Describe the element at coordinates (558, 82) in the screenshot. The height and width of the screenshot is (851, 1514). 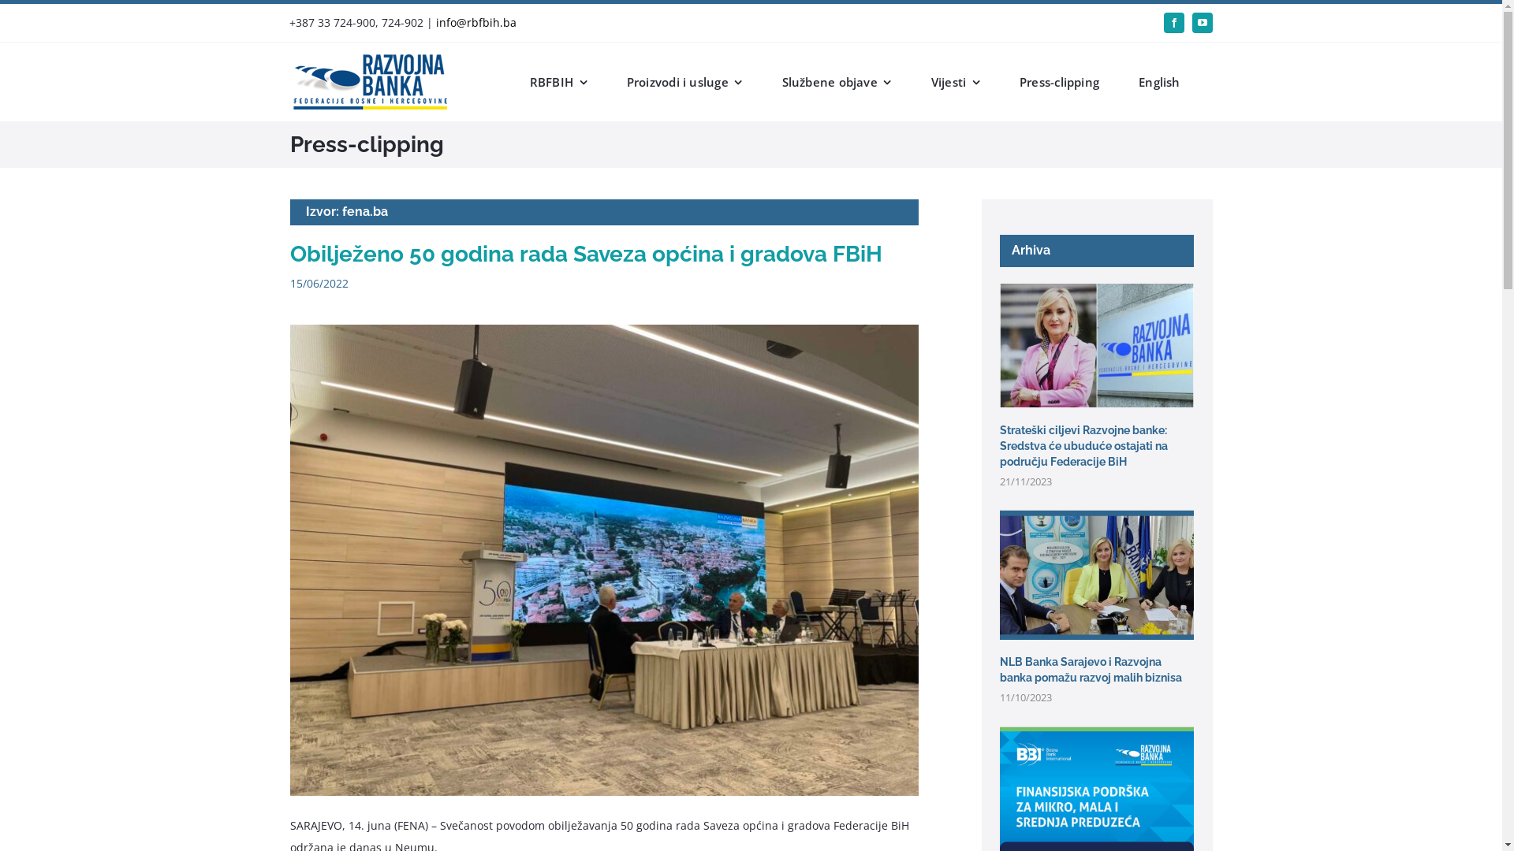
I see `'RBFBIH'` at that location.